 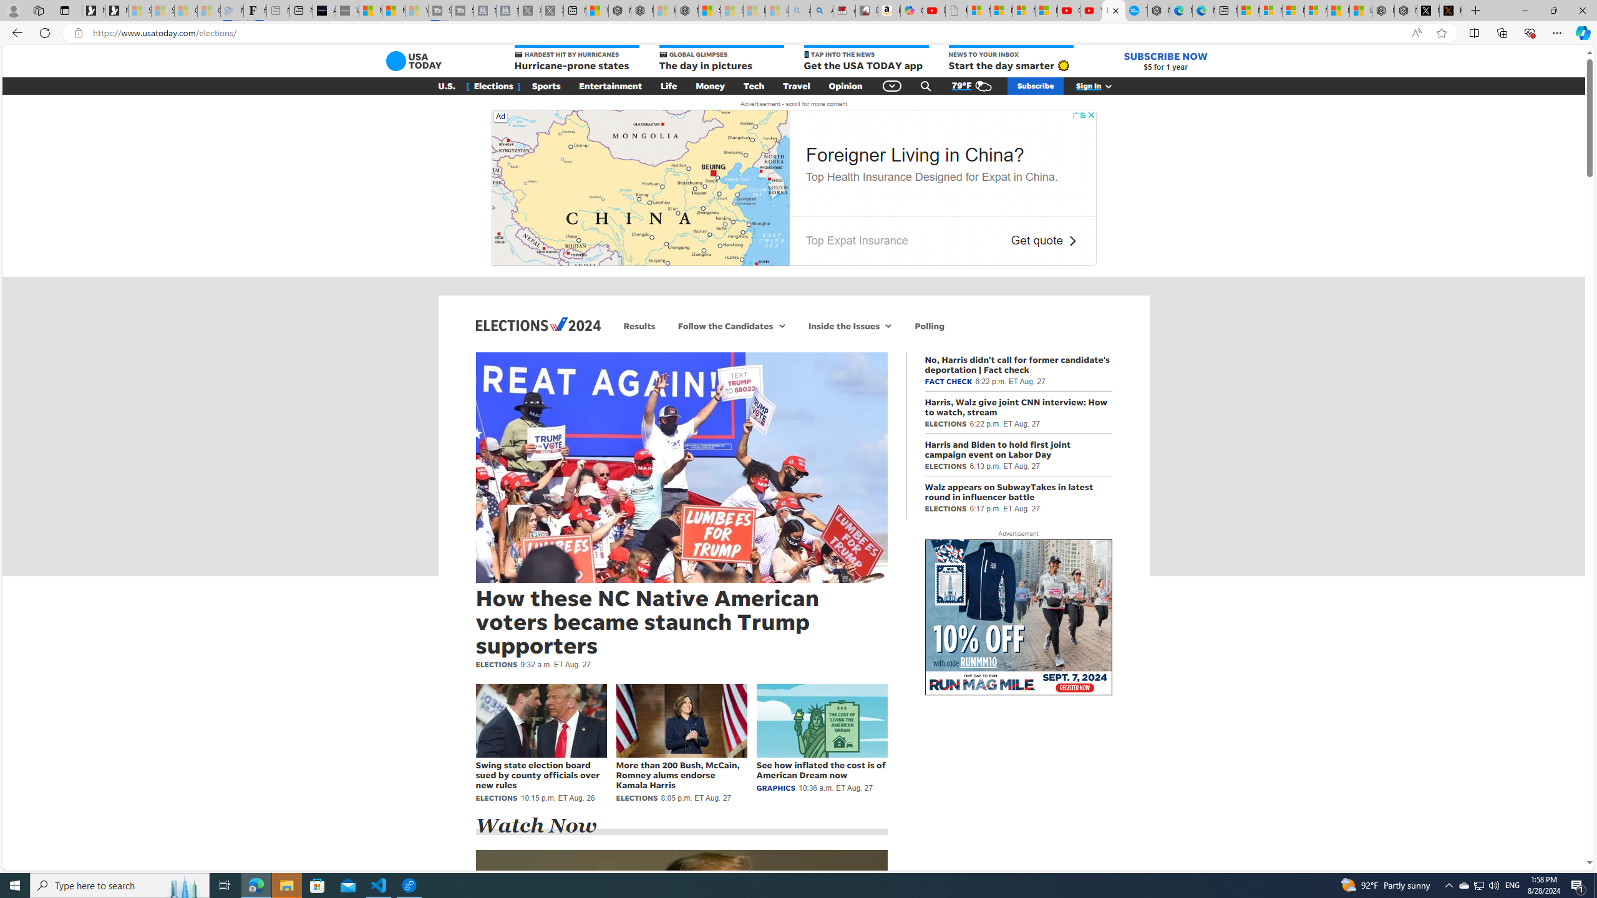 What do you see at coordinates (888, 325) in the screenshot?
I see `'More Inside the Issues navigation'` at bounding box center [888, 325].